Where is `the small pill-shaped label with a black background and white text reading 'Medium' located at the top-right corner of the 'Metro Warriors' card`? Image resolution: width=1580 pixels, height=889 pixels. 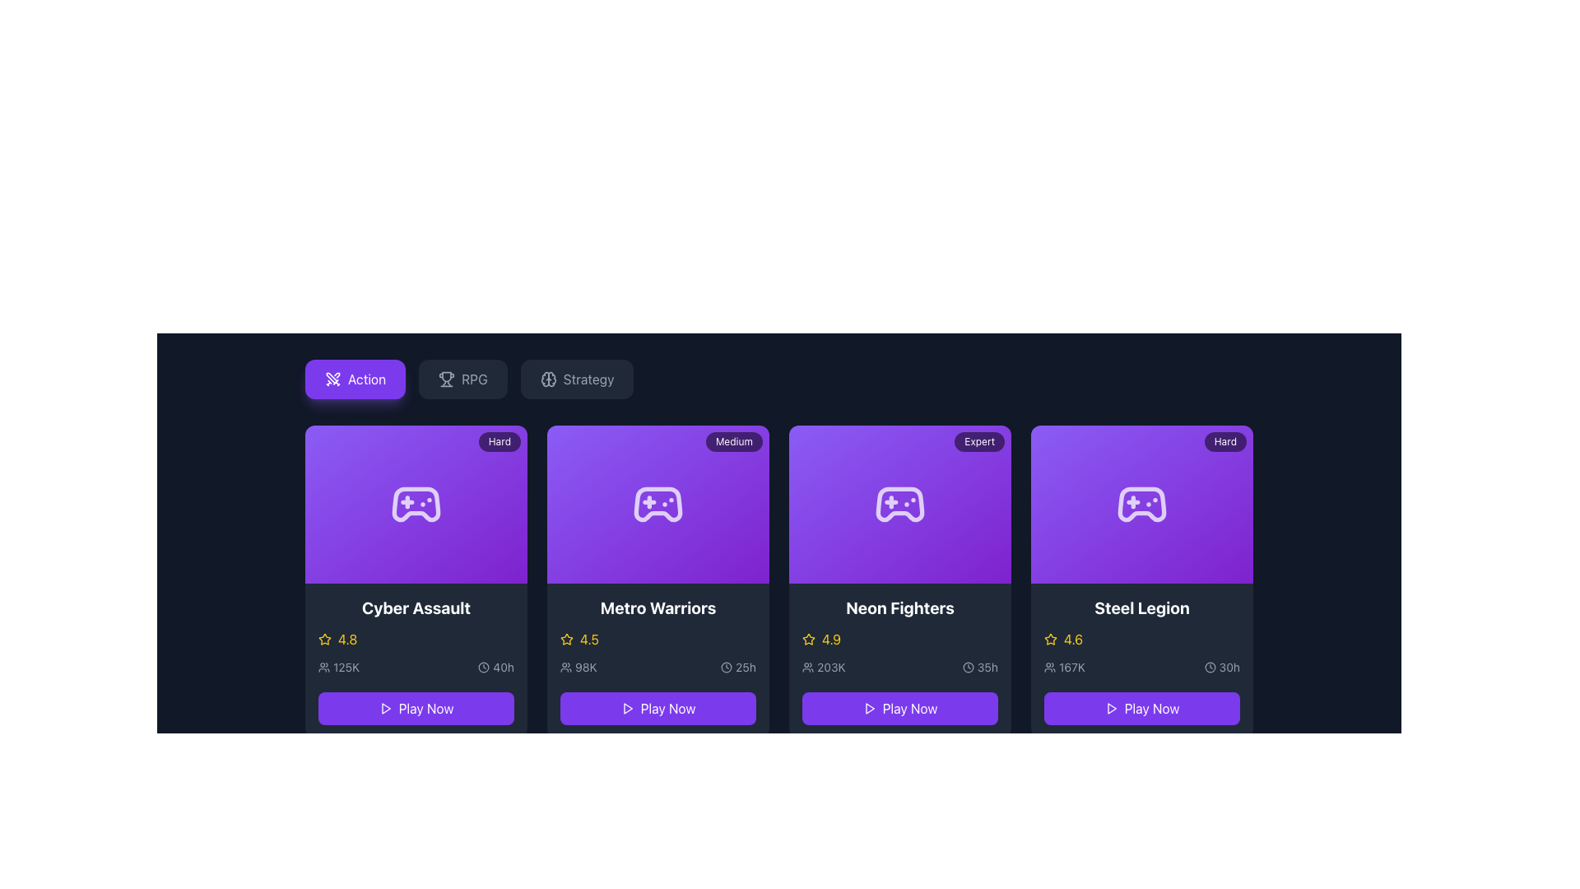 the small pill-shaped label with a black background and white text reading 'Medium' located at the top-right corner of the 'Metro Warriors' card is located at coordinates (733, 440).